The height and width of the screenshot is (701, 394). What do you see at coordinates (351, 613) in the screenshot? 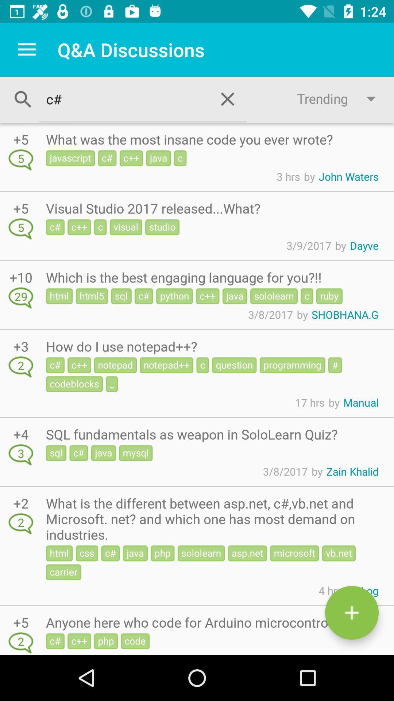
I see `the add symbol at the bottom right corner of the page` at bounding box center [351, 613].